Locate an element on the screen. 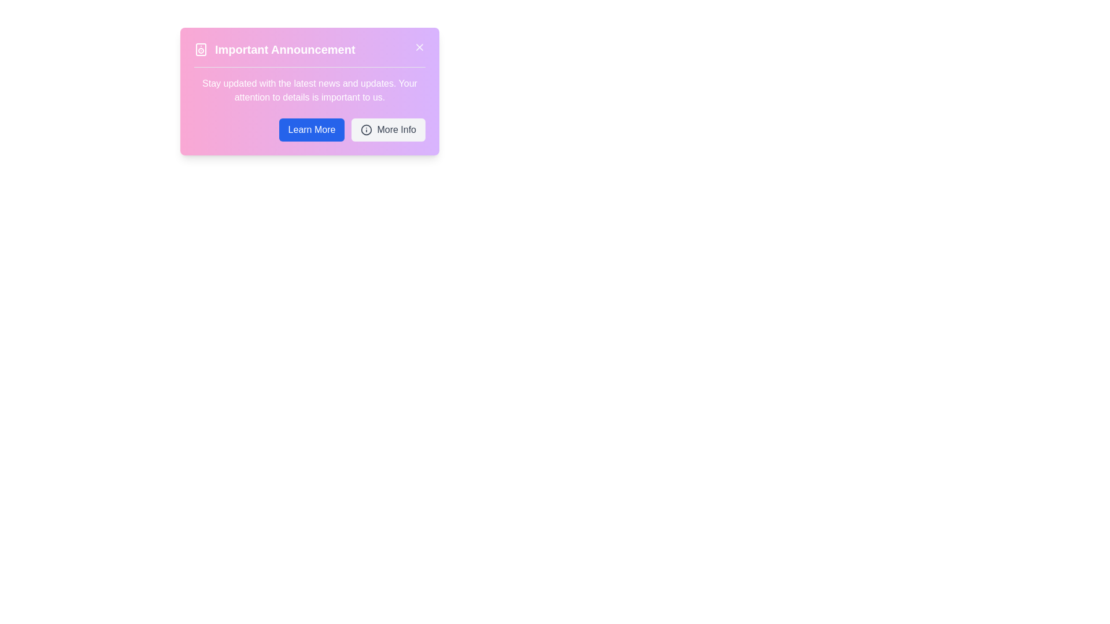 This screenshot has height=624, width=1110. the button located in the notification box at the bottom-right, which is the leftmost button next to 'More Info' is located at coordinates (310, 129).